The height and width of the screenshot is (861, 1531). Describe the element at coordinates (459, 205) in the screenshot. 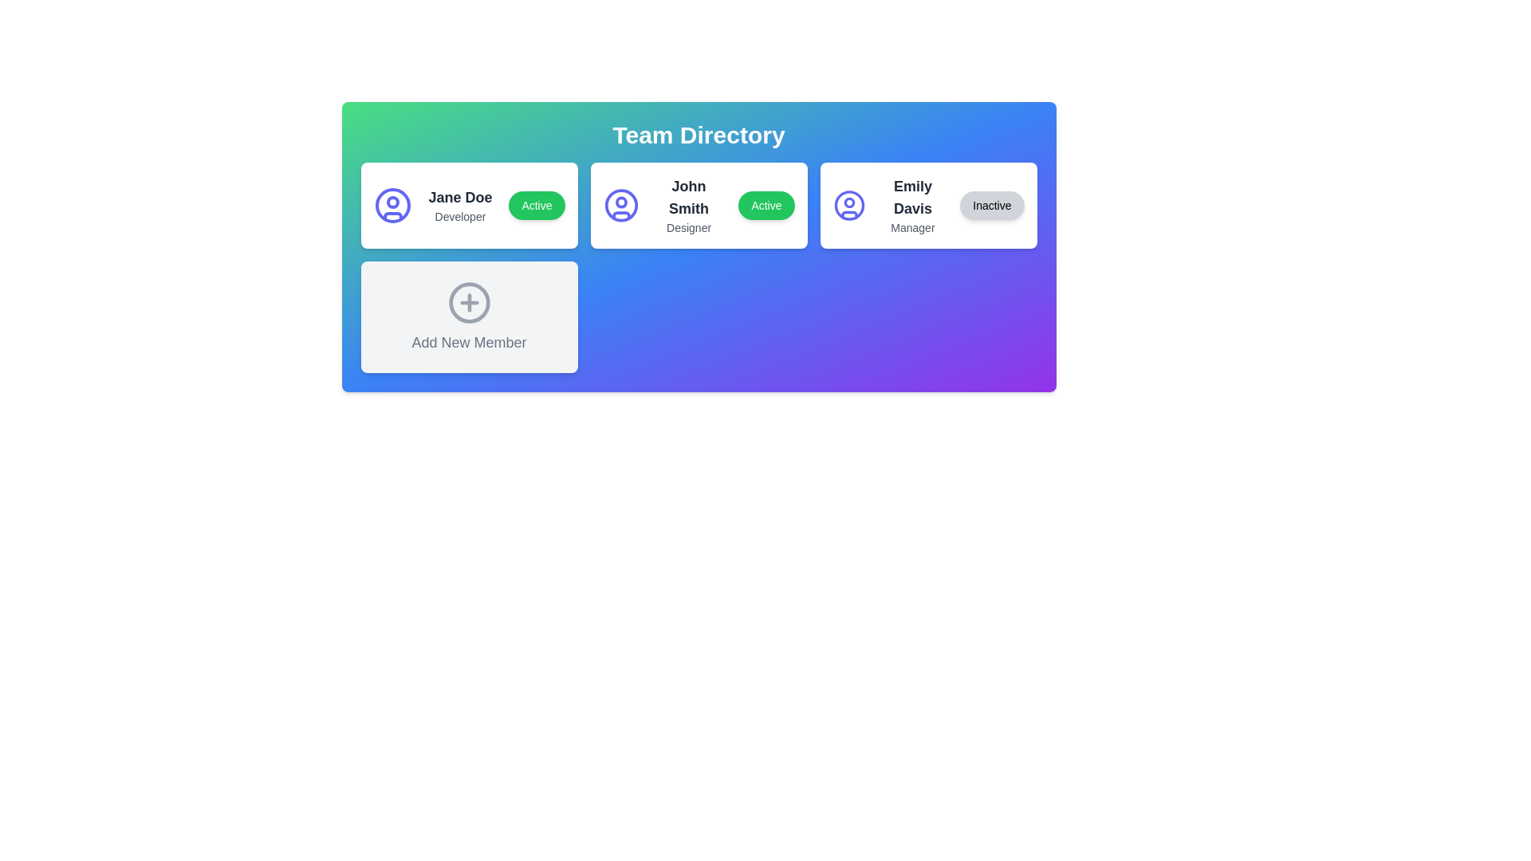

I see `displayed text in the text block that shows the user's name 'Jane Doe' and title 'Developer' located below the avatar icon and to the left of the 'Active' status button in the first row of user cards` at that location.